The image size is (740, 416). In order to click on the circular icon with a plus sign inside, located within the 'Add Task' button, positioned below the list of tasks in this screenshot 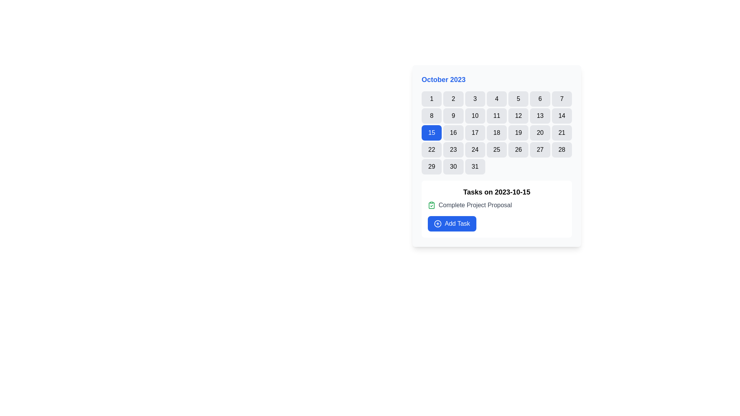, I will do `click(438, 224)`.